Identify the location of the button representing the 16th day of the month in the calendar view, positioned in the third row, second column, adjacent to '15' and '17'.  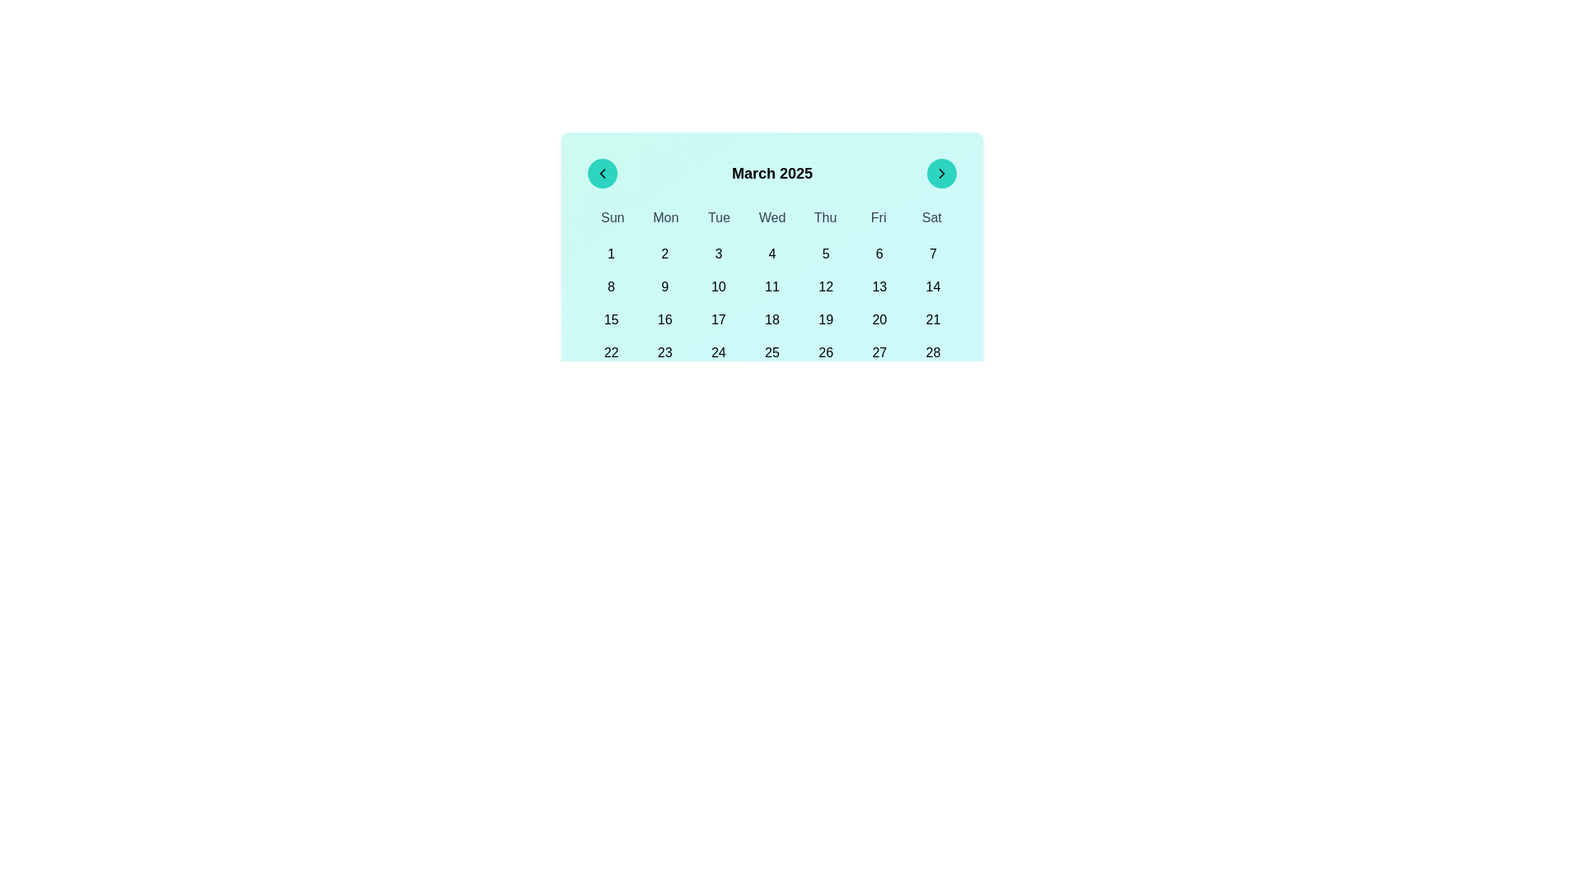
(665, 320).